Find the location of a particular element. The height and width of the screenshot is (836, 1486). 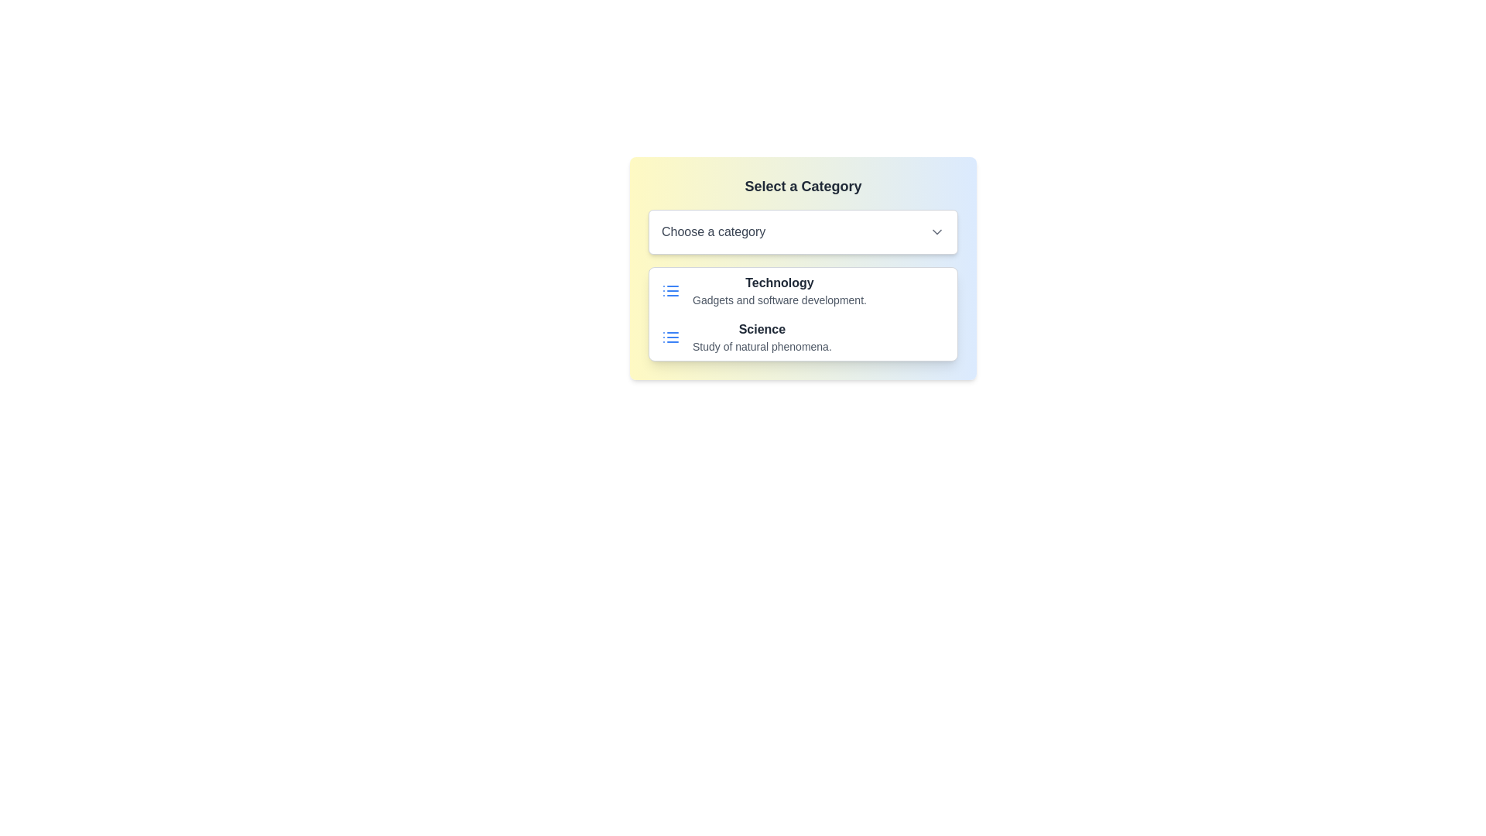

the text label that says 'Choose a category', which is located within a dropdown field with rounded corners and a chevron icon on its right side is located at coordinates (713, 232).